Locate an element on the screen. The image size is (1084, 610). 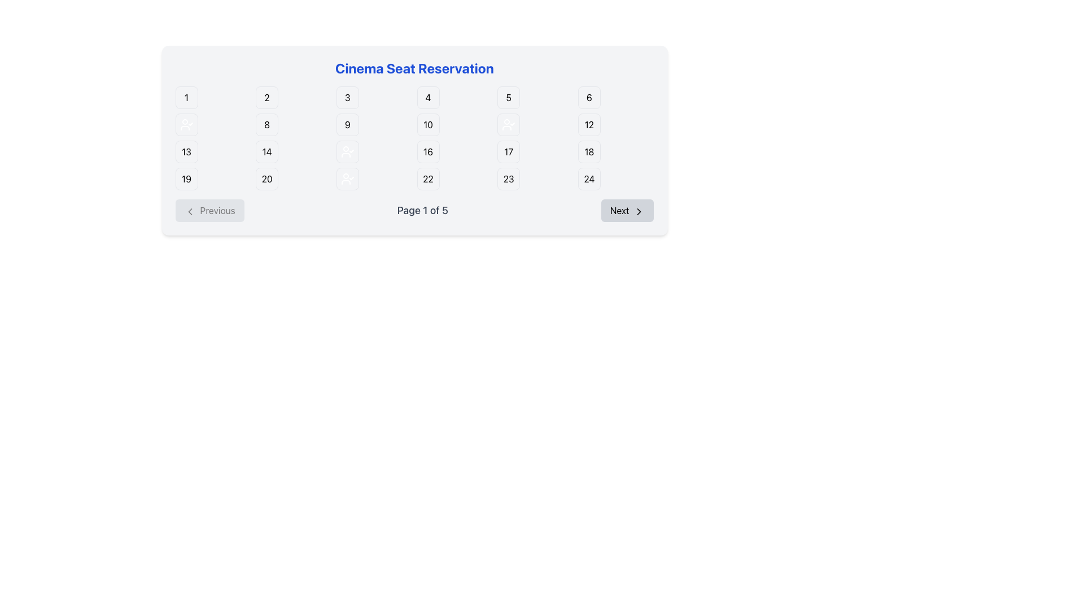
the rightward pointing chevron icon within the 'Next' button located at the bottom-right corner of the interface is located at coordinates (639, 211).